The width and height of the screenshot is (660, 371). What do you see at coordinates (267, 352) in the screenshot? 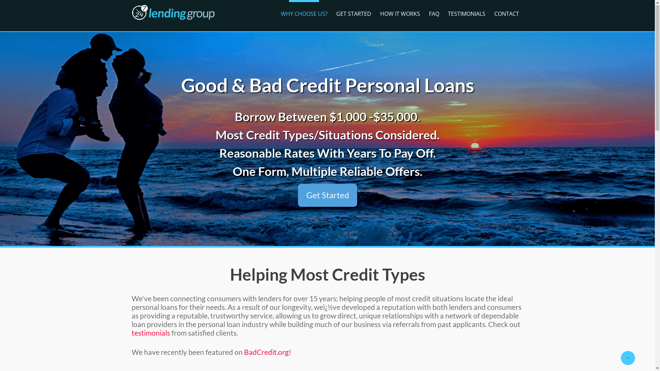
I see `'BadCredit.org!'` at bounding box center [267, 352].